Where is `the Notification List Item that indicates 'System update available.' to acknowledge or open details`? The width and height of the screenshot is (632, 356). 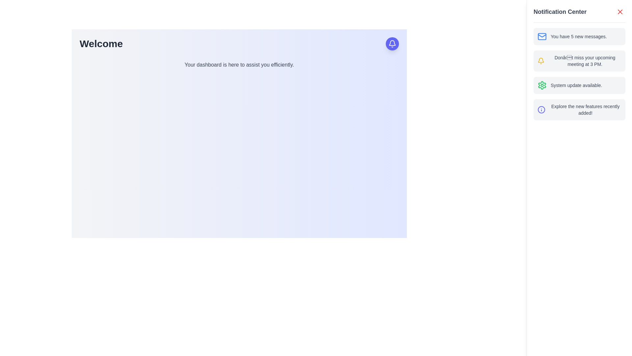
the Notification List Item that indicates 'System update available.' to acknowledge or open details is located at coordinates (579, 85).